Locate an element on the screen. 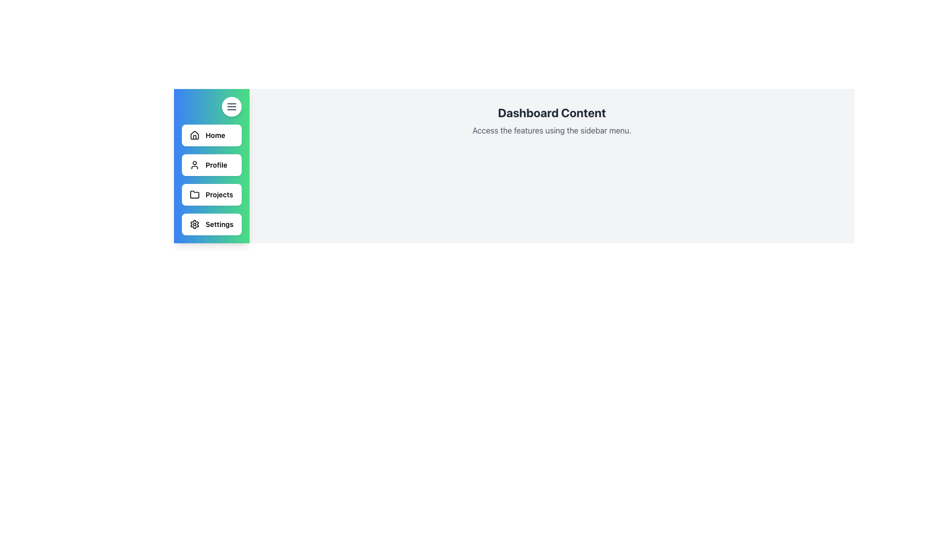 Image resolution: width=949 pixels, height=534 pixels. the 'Profile' icon located in the vertical sidebar menu, which visually represents profile-related functionalities adjacent to the 'Profile' text label is located at coordinates (194, 165).